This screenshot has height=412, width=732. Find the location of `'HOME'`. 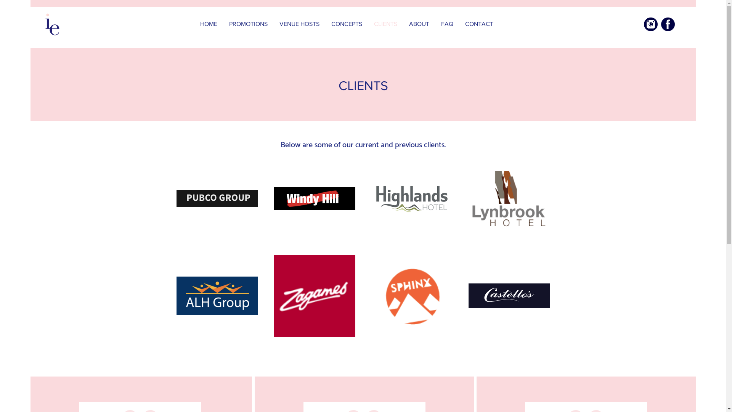

'HOME' is located at coordinates (209, 23).